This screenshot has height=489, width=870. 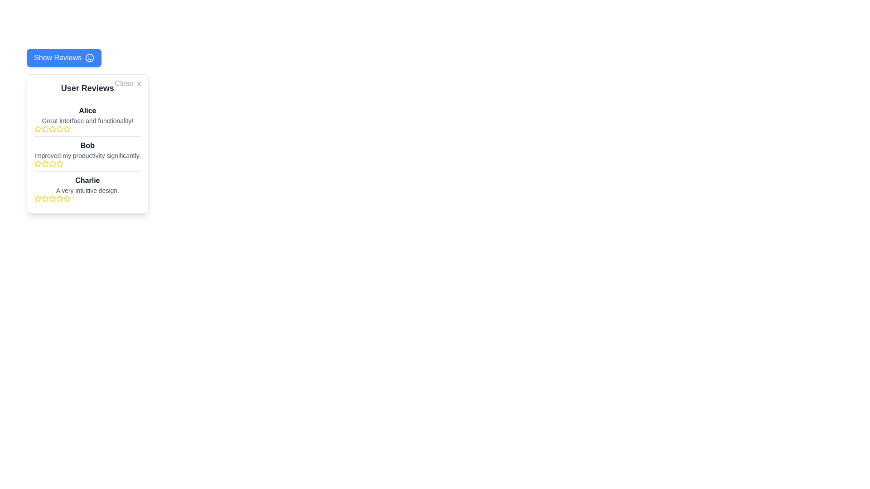 What do you see at coordinates (87, 155) in the screenshot?
I see `the text block displaying 'Improved my productivity significantly.' located under the name 'Bob' in the user review section` at bounding box center [87, 155].